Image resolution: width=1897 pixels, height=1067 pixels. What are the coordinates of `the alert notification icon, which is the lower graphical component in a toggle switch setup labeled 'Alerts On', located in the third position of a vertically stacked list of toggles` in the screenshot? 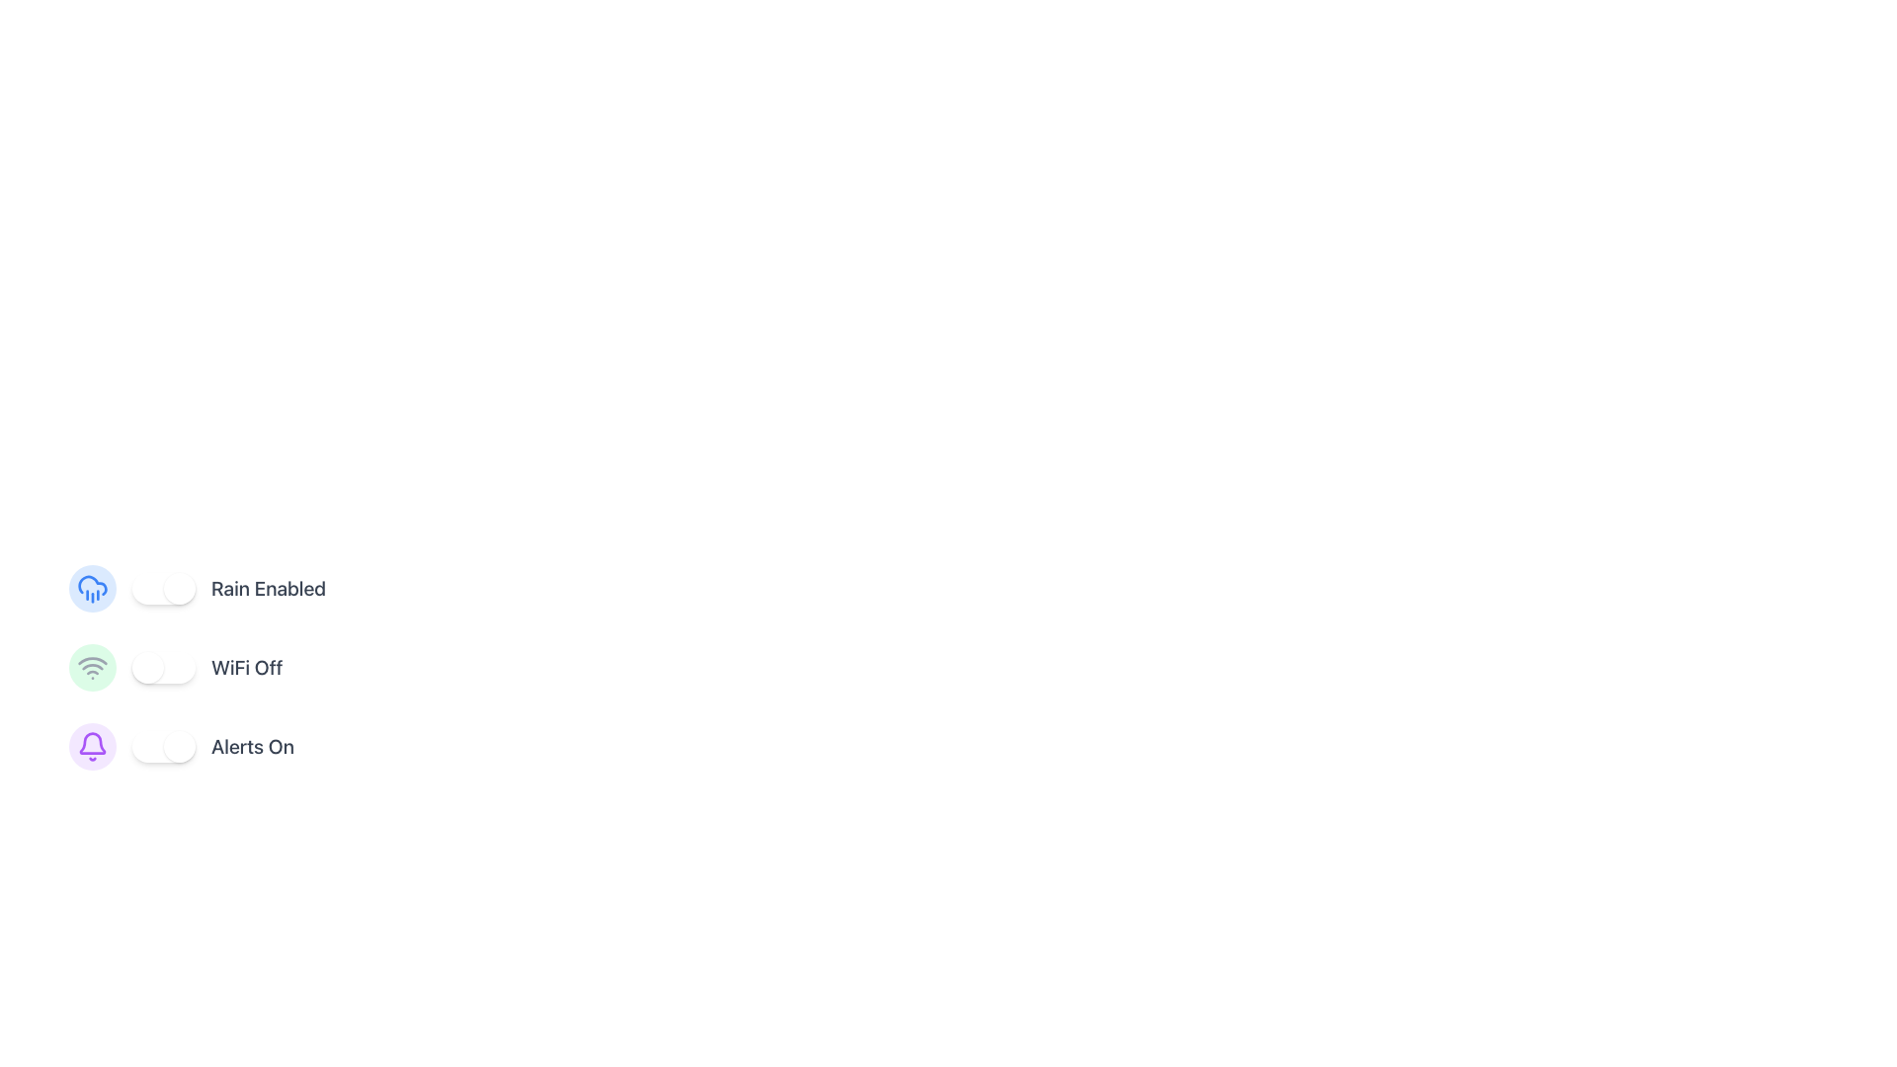 It's located at (92, 743).